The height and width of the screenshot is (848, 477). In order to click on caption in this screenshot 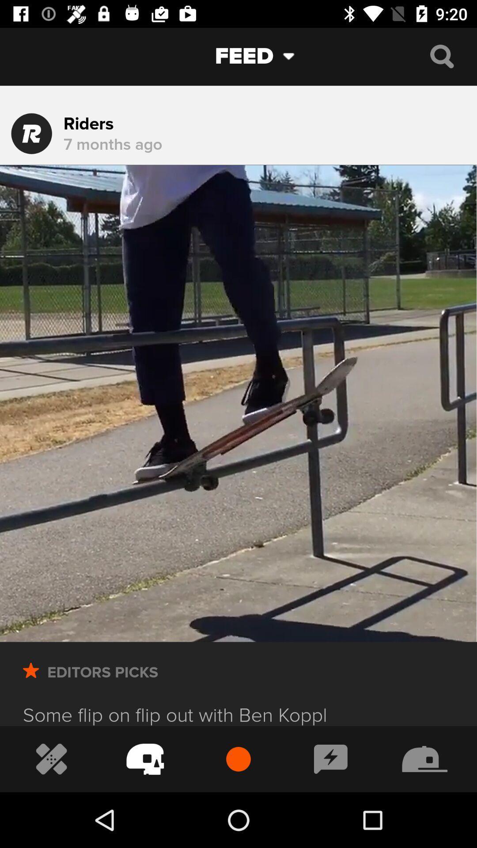, I will do `click(331, 758)`.